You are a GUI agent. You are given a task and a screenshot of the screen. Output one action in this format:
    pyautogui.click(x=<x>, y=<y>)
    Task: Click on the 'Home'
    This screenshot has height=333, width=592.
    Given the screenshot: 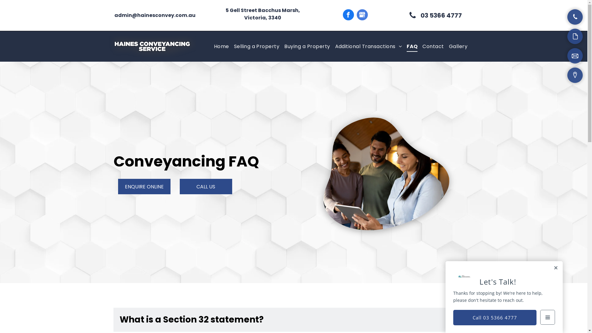 What is the action you would take?
    pyautogui.click(x=221, y=46)
    